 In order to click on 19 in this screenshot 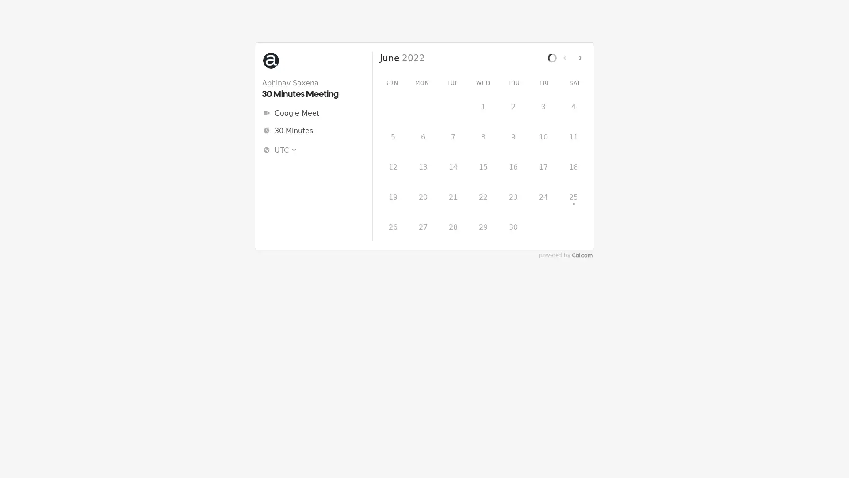, I will do `click(392, 196)`.